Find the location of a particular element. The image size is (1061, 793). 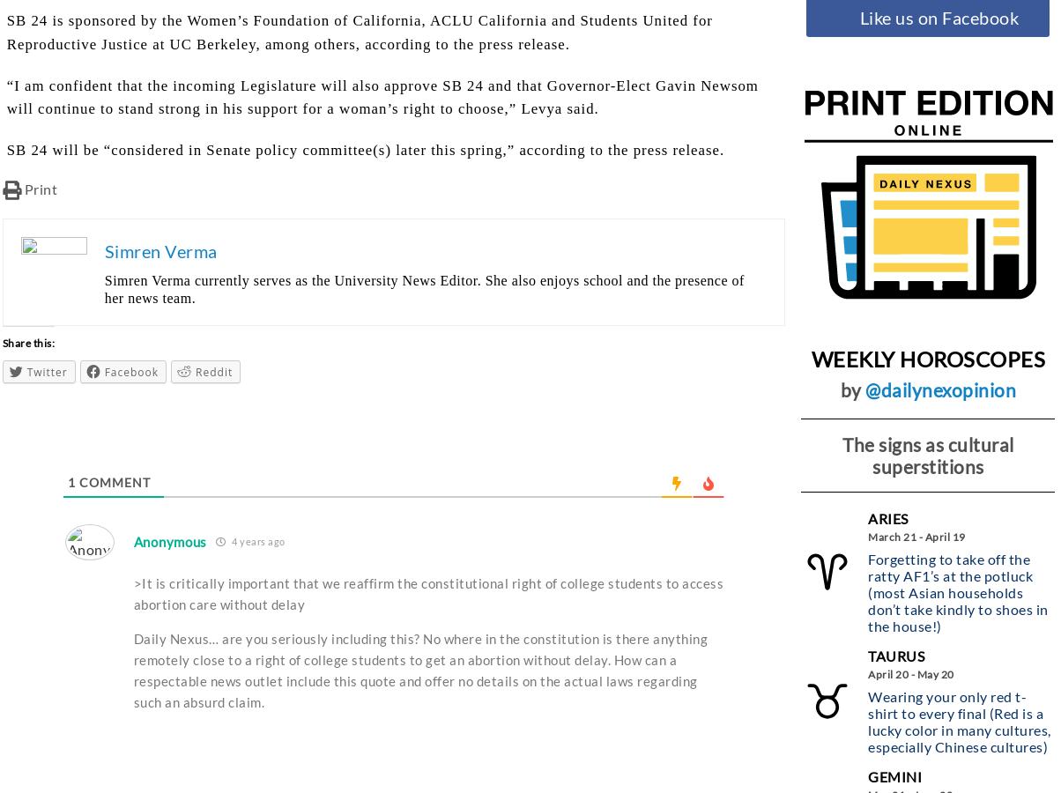

'Daily Nexus… are you seriously including this? No where in the constitution is there anything remotely close to a right of college students to get an abortion without delay. How can a respectable news outlet include this quote and offer no details on the actual laws regarding such an absurd claim.' is located at coordinates (420, 670).